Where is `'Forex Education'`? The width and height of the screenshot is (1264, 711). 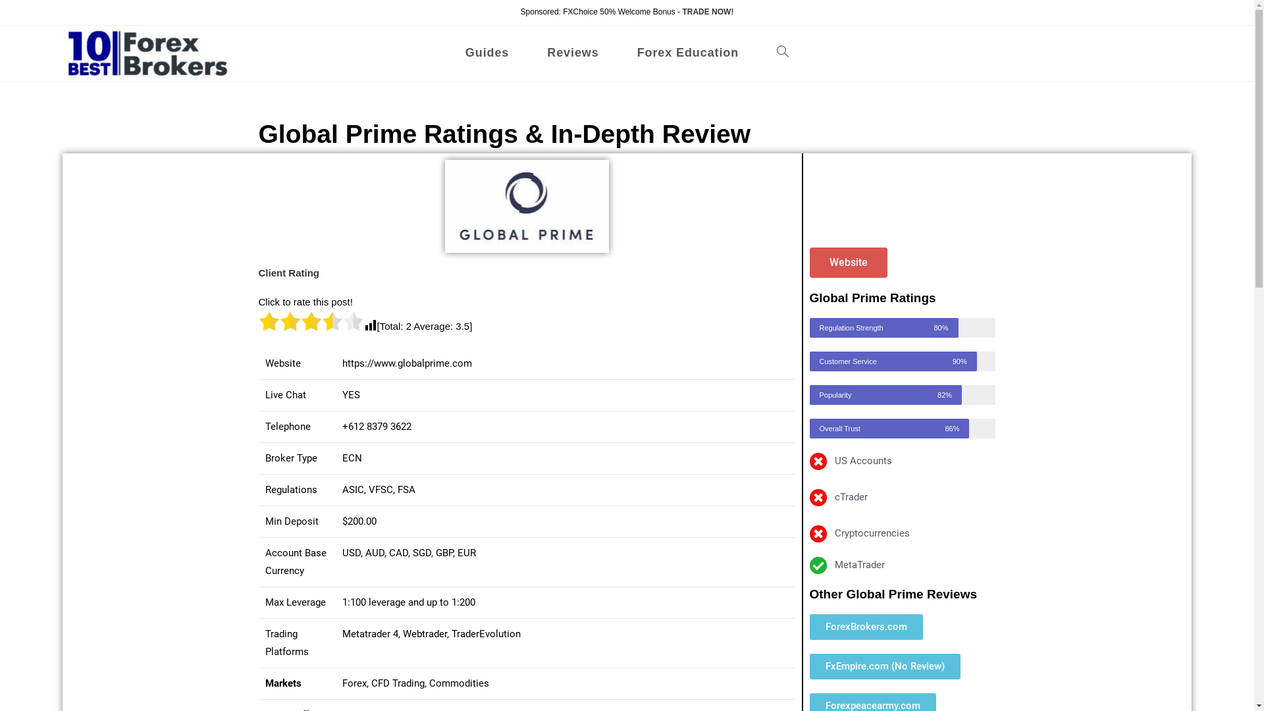
'Forex Education' is located at coordinates (687, 52).